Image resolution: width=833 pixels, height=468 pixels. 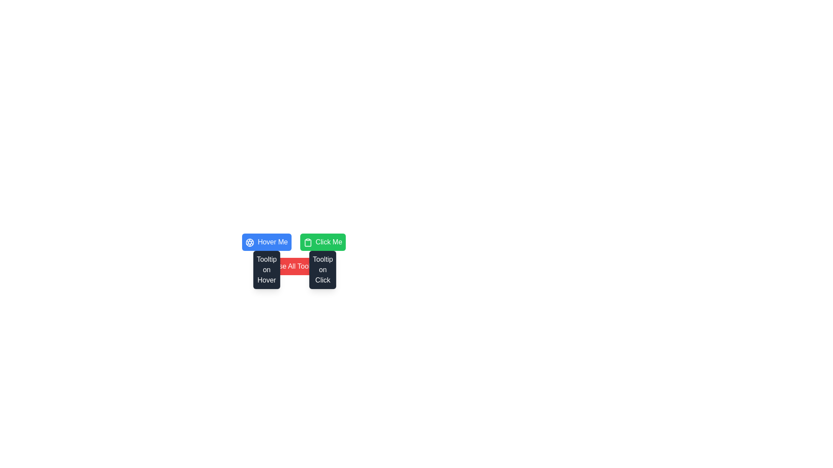 I want to click on the decorative icon located at the left edge of the 'Hover Me' blue button, which enhances the button's appearance, so click(x=249, y=242).